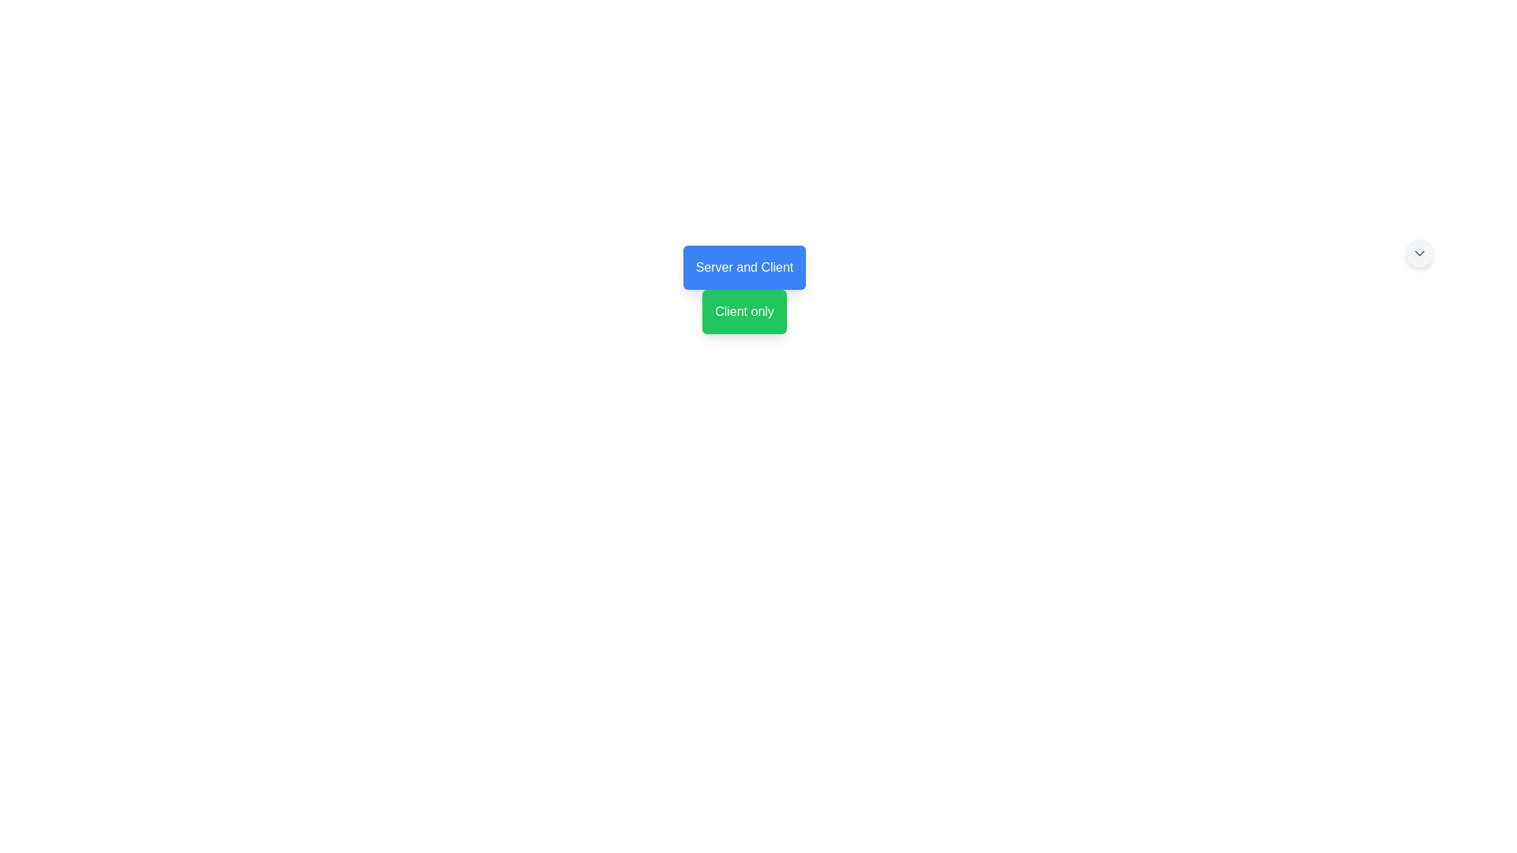 The image size is (1517, 853). Describe the element at coordinates (1419, 252) in the screenshot. I see `the gray chevron icon in the top-right corner of the interface` at that location.